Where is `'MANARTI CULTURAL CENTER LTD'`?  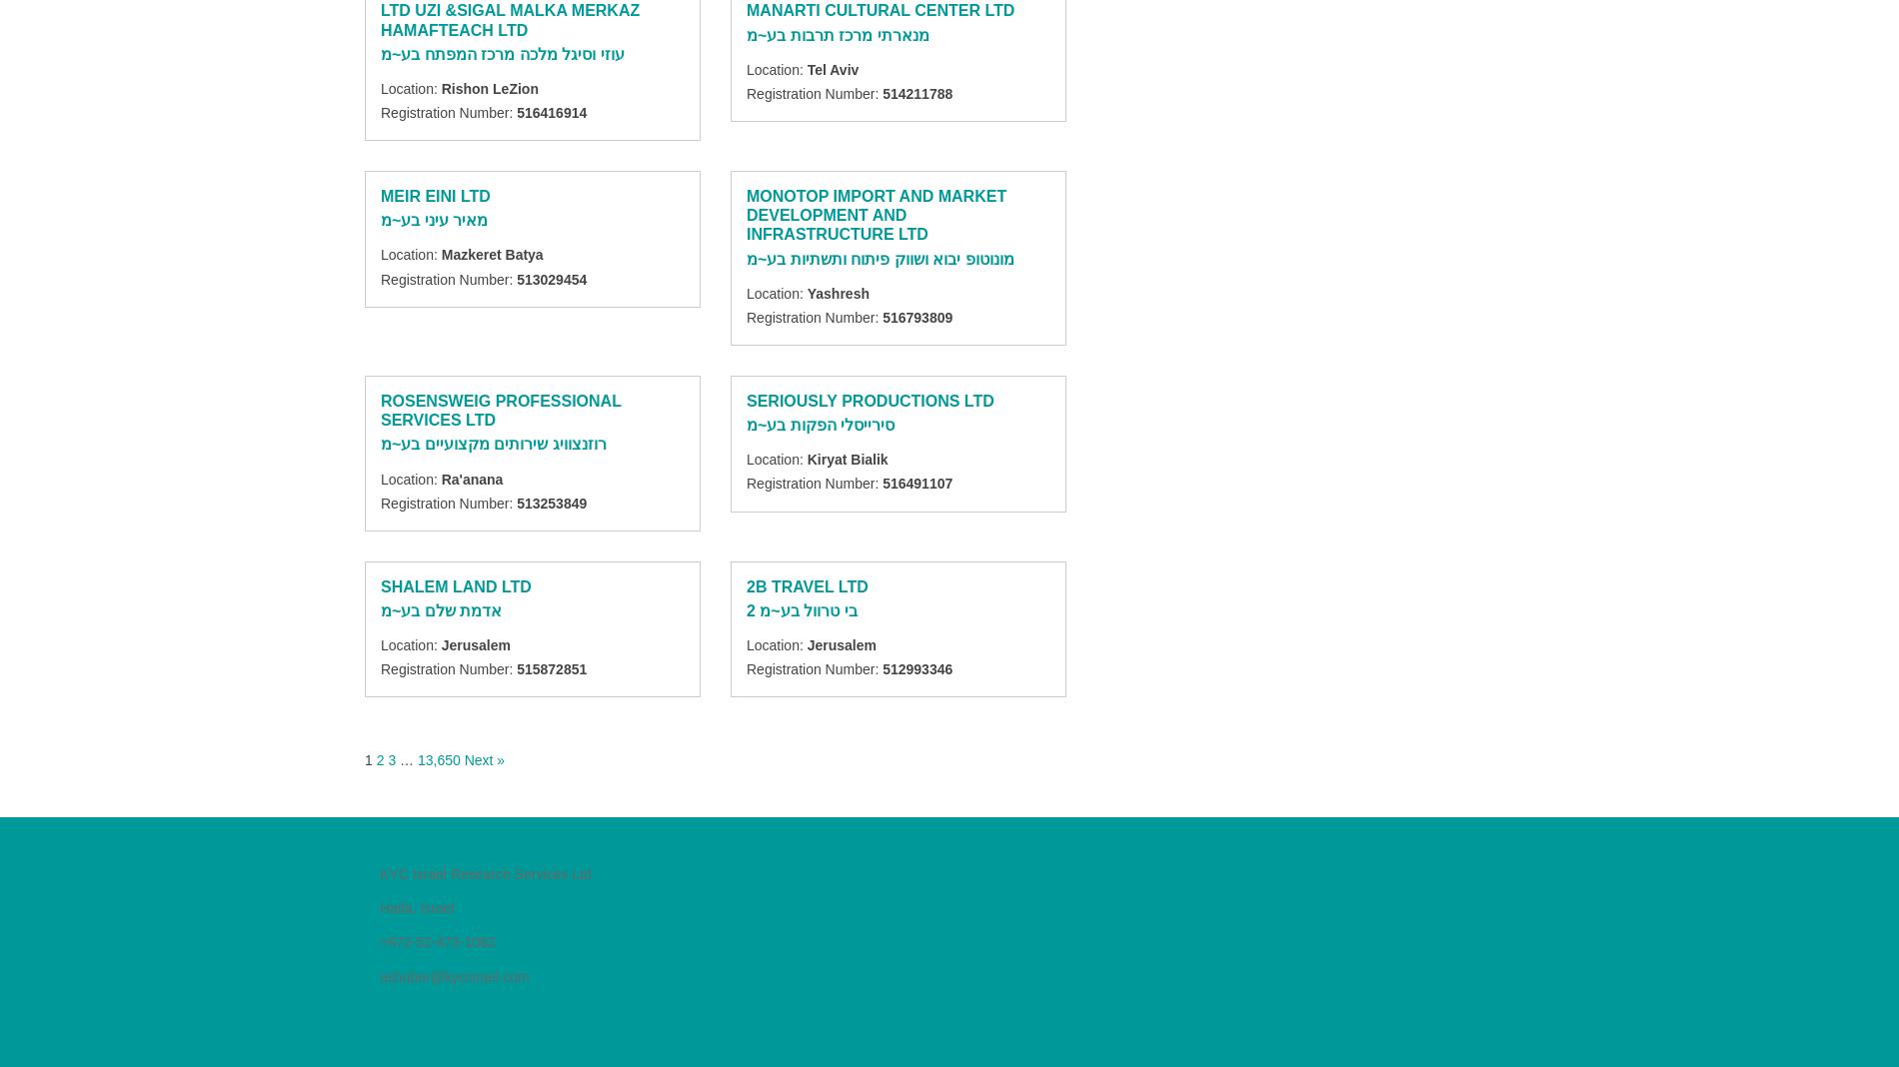
'MANARTI CULTURAL CENTER LTD' is located at coordinates (746, 9).